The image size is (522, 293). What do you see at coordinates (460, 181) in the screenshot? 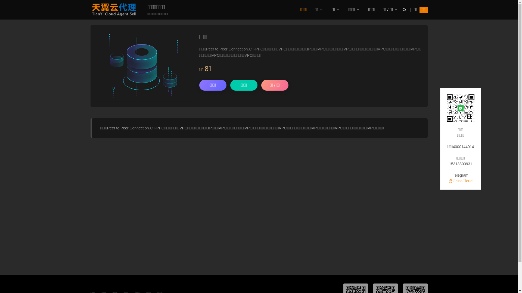
I see `'@ChinaCloud'` at bounding box center [460, 181].